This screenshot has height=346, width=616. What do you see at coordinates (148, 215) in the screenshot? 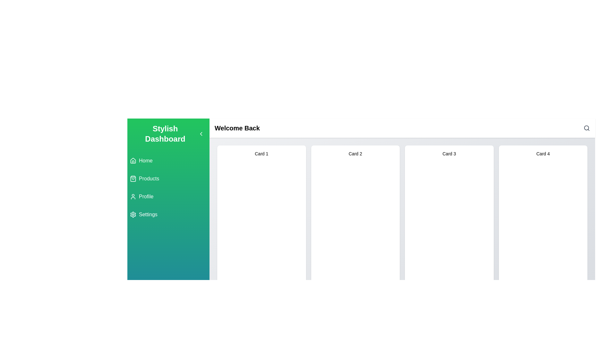
I see `the 'Settings' text label in the vertical navigation menu on the left side of the interface, which is styled with a sans-serif typeface and appears white against a green gradient background` at bounding box center [148, 215].